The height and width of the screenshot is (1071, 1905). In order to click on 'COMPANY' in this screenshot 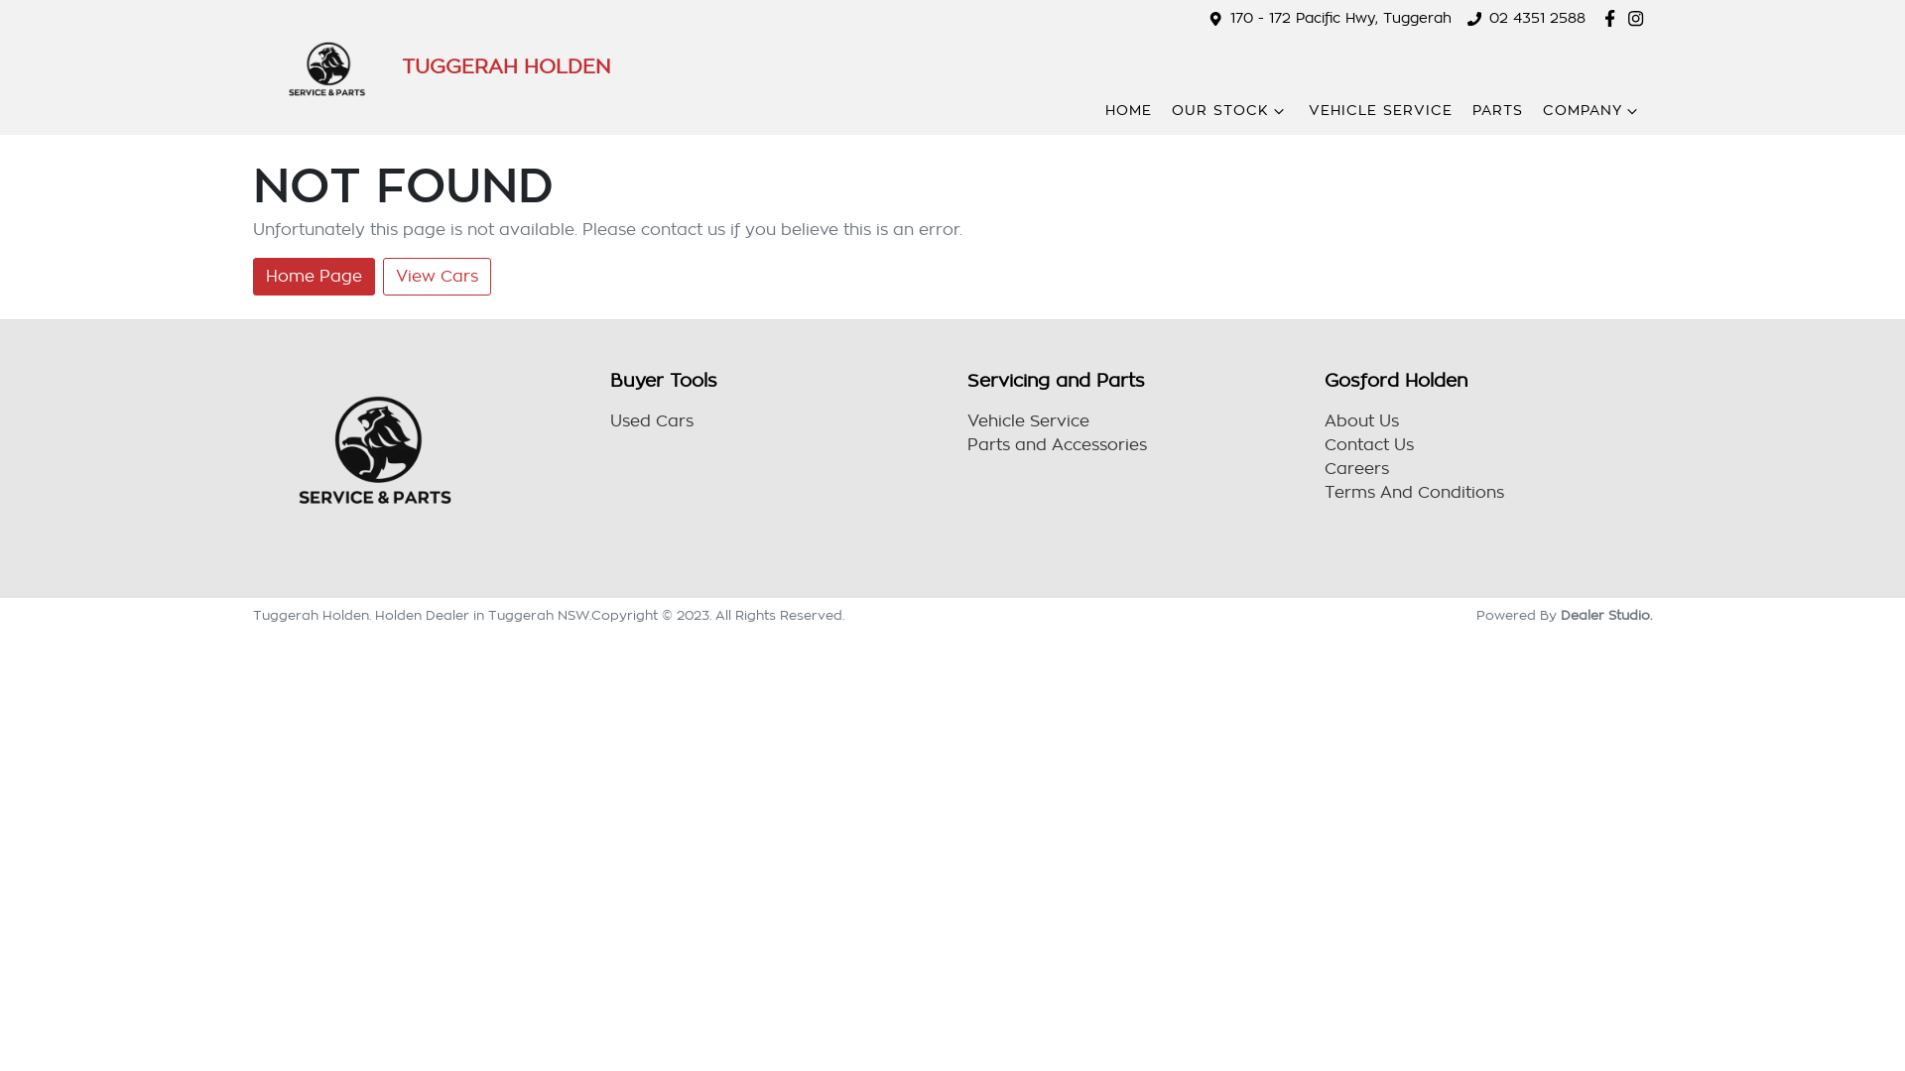, I will do `click(1591, 110)`.